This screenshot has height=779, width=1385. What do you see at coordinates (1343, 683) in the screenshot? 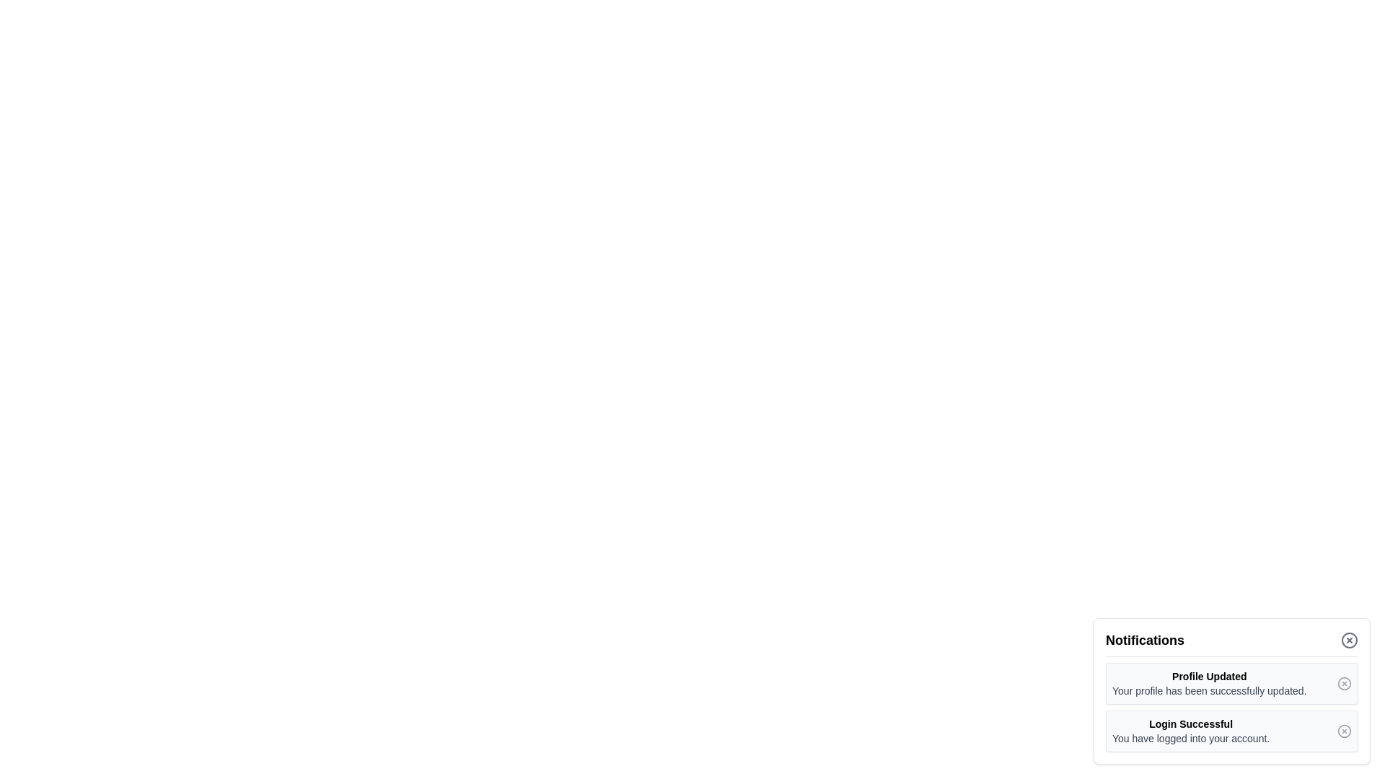
I see `the circular graphical element that is part of the close button for the notification titled 'Profile Updated', which is located at the top right corner of the first notification in the list` at bounding box center [1343, 683].